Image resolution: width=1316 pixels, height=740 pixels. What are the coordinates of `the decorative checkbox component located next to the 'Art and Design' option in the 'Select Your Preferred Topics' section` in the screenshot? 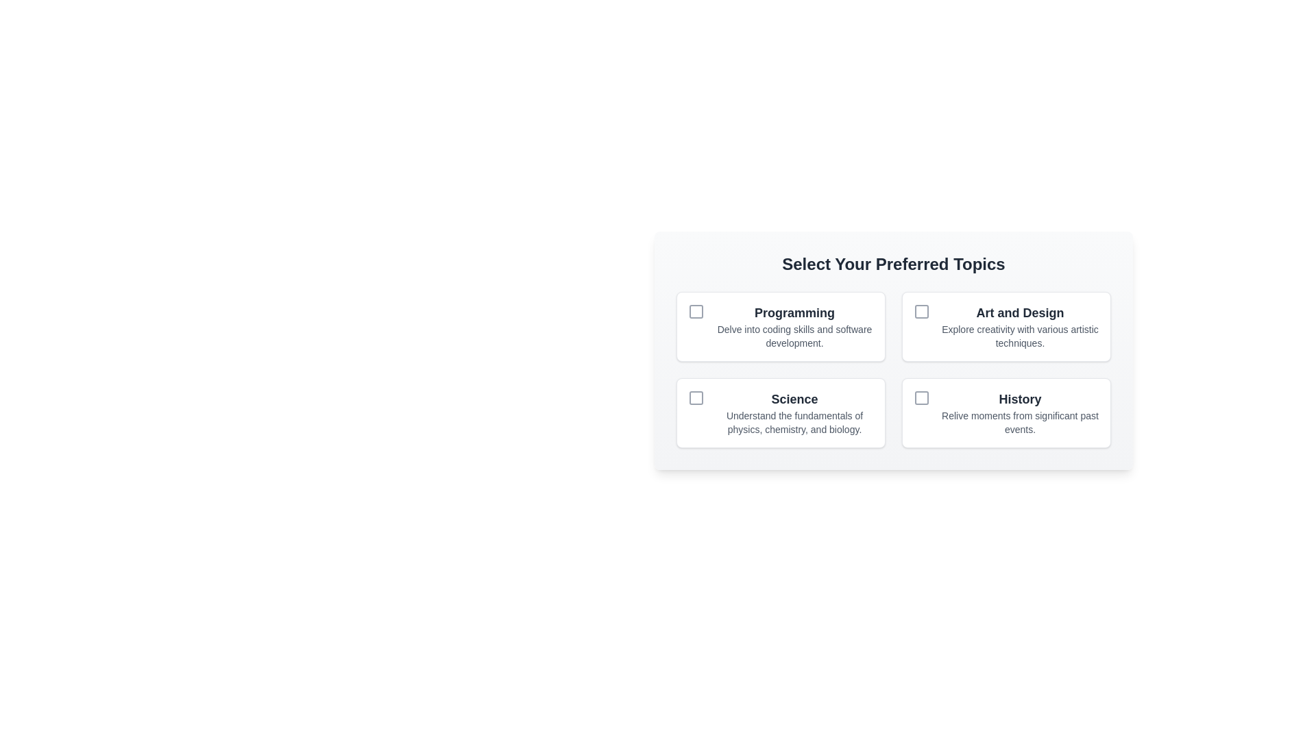 It's located at (921, 312).